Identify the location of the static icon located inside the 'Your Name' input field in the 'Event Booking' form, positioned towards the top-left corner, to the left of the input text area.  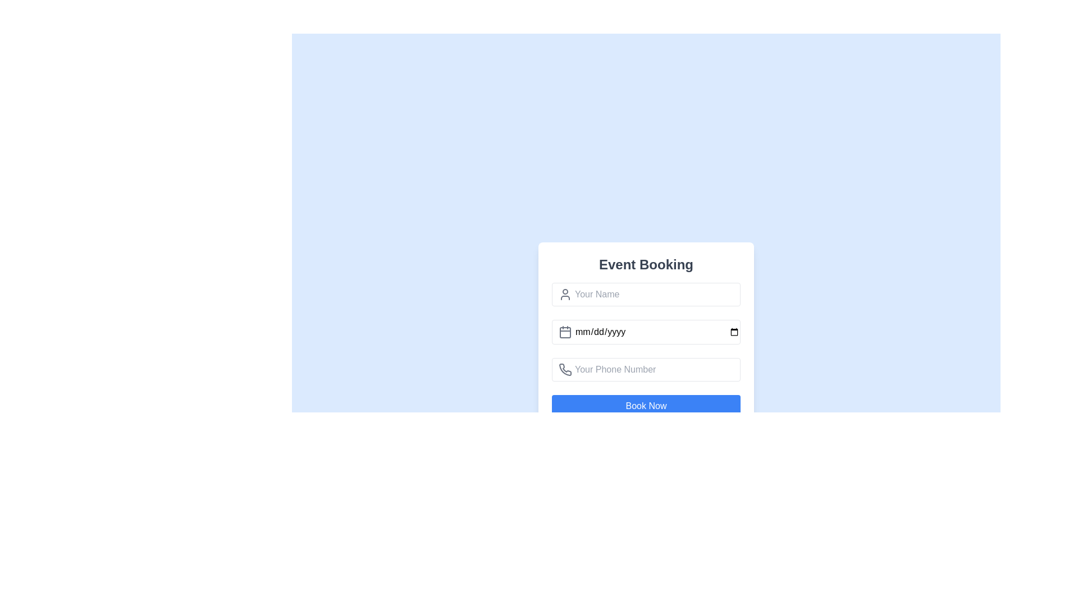
(565, 293).